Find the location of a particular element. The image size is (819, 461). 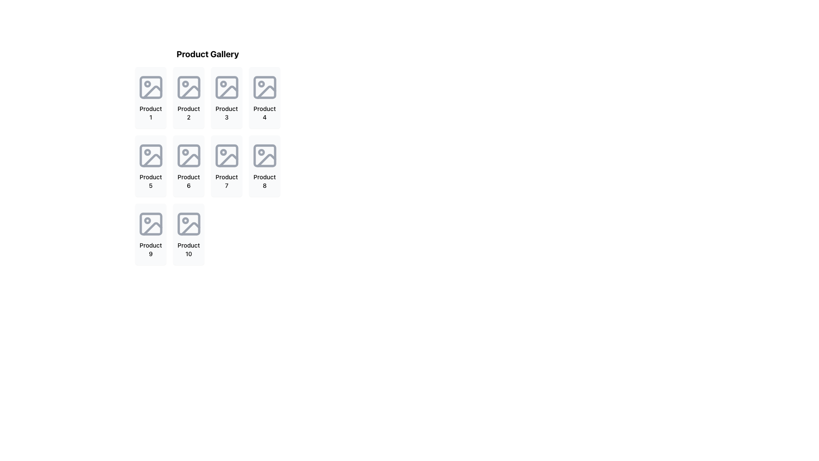

the small circular icon located in the top left of the second product's placeholder image in the product gallery grid layout is located at coordinates (185, 84).